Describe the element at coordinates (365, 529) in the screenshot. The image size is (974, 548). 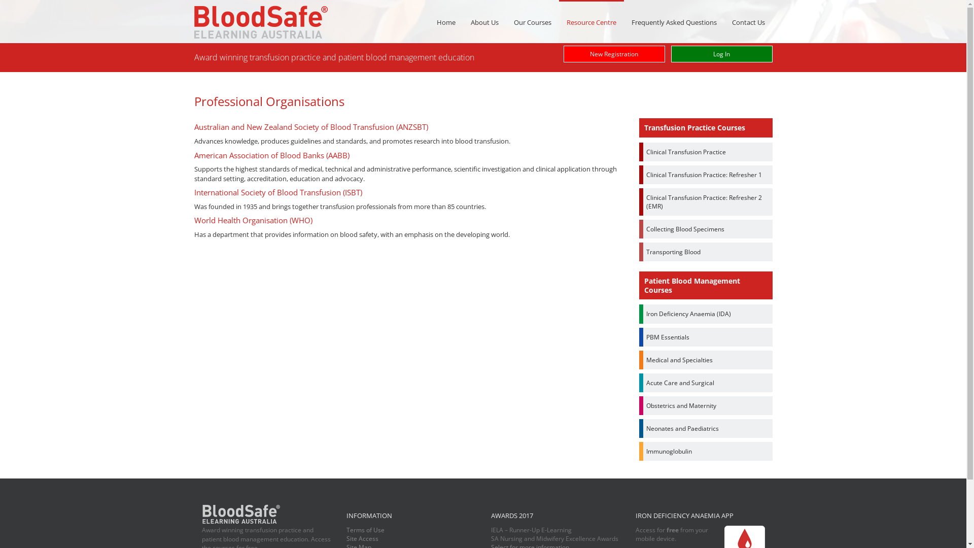
I see `'Terms of Use'` at that location.